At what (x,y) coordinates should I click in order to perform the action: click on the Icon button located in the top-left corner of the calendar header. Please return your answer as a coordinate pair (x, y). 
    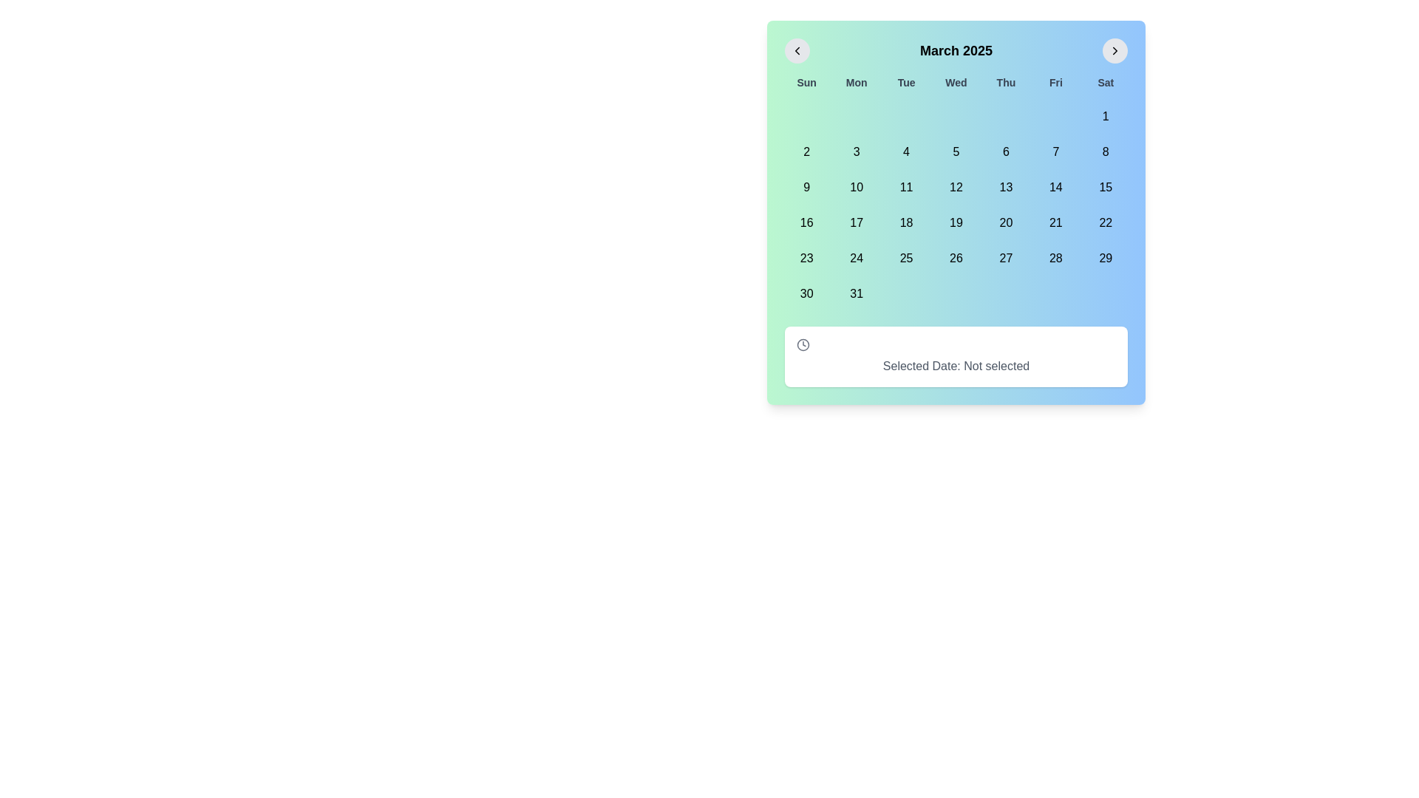
    Looking at the image, I should click on (797, 50).